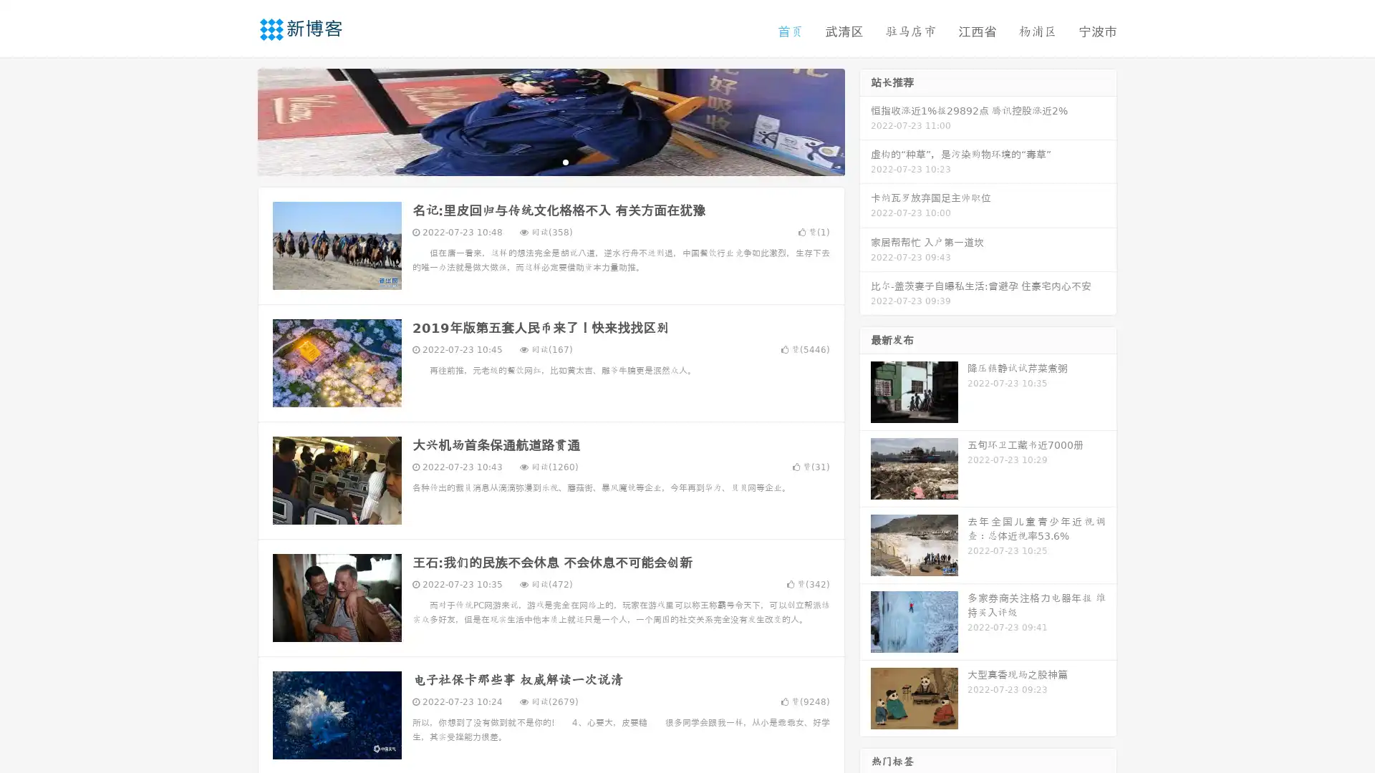 This screenshot has width=1375, height=773. Describe the element at coordinates (550, 161) in the screenshot. I see `Go to slide 2` at that location.